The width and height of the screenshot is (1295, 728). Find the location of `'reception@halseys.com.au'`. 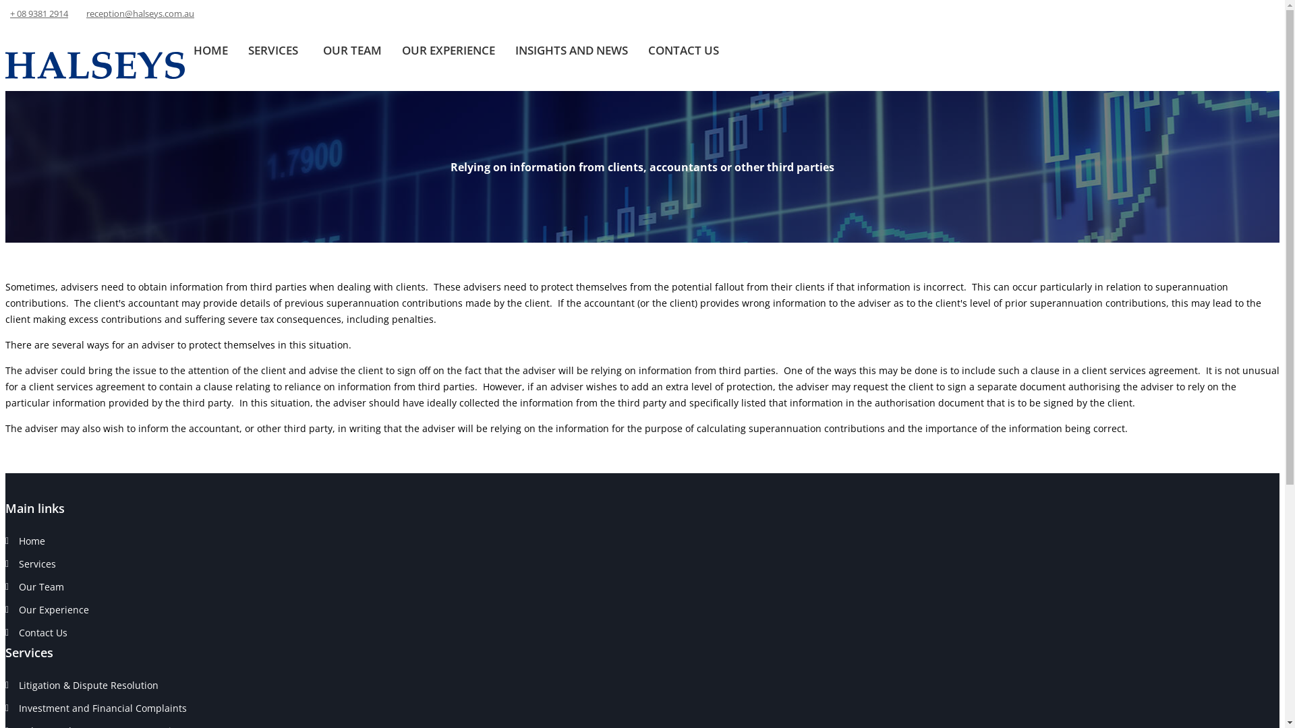

'reception@halseys.com.au' is located at coordinates (140, 13).